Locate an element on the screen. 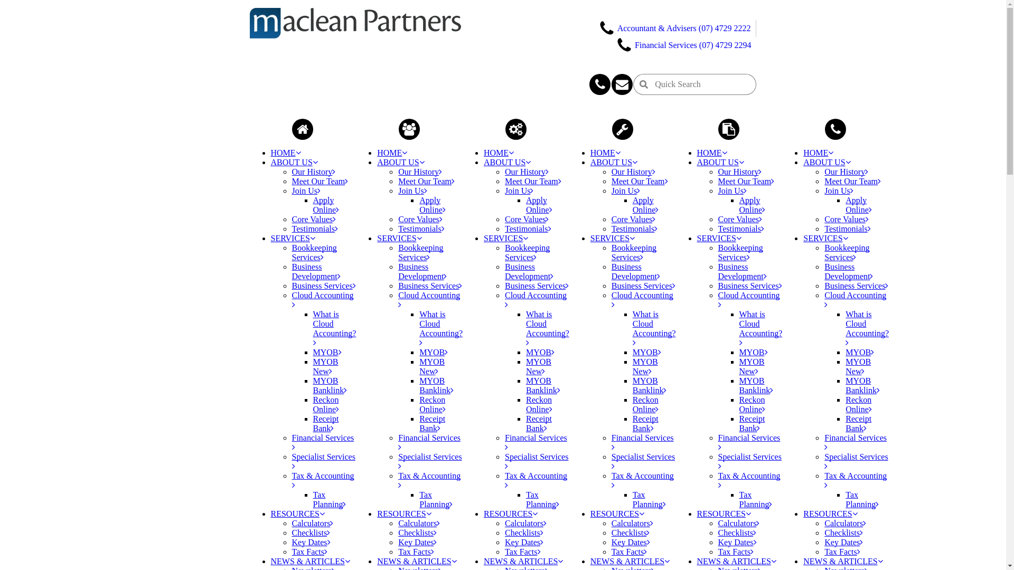 The width and height of the screenshot is (1014, 570). 'Join Us' is located at coordinates (626, 191).